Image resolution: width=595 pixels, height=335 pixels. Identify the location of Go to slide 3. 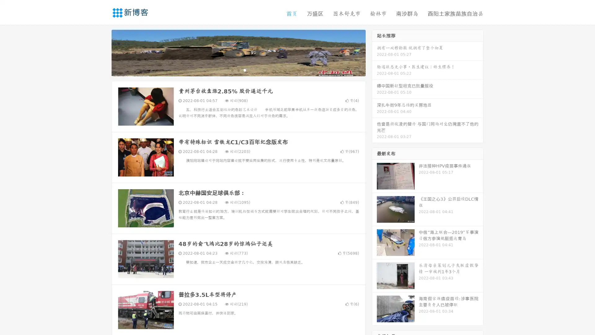
(245, 70).